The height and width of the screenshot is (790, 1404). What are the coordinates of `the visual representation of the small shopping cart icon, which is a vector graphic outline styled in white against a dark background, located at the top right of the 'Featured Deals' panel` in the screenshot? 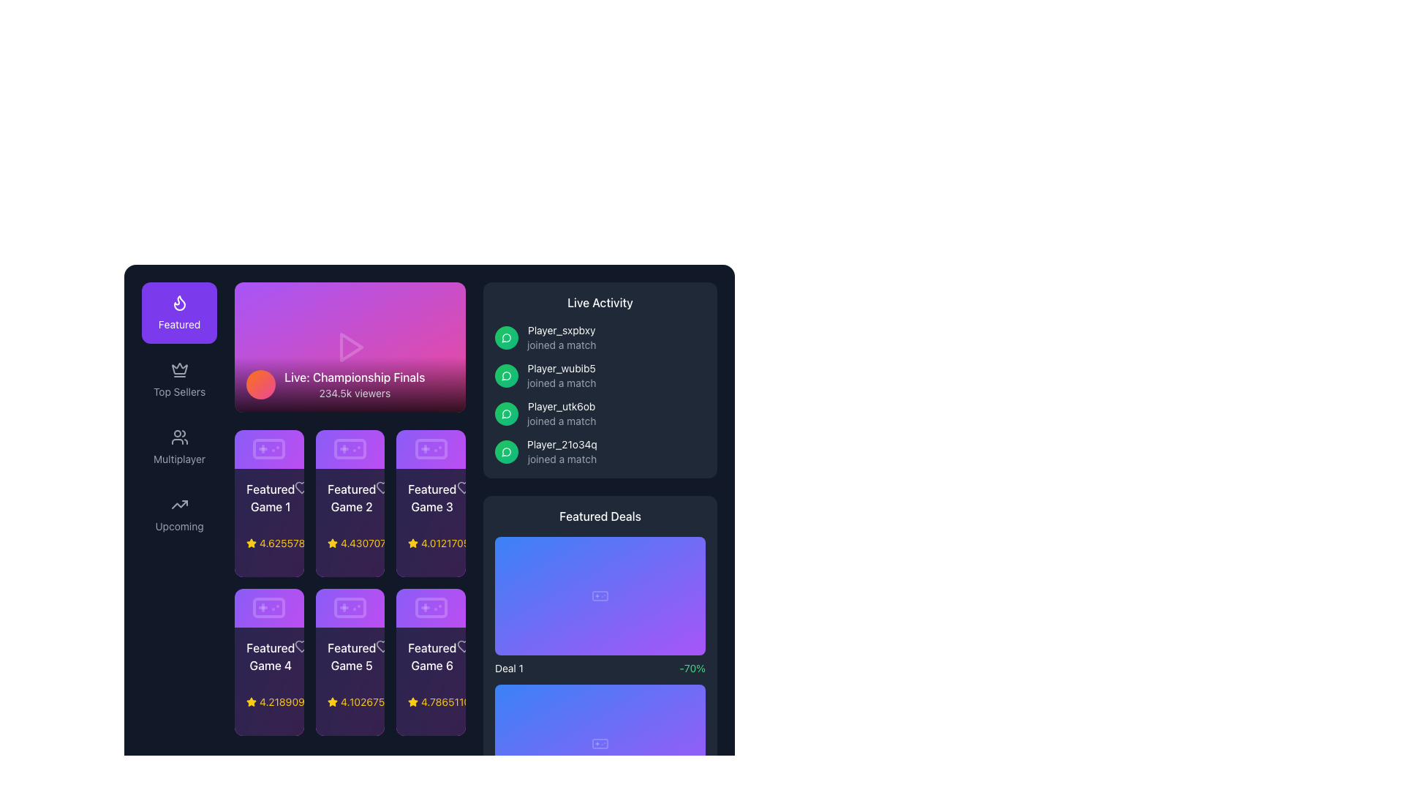 It's located at (605, 543).